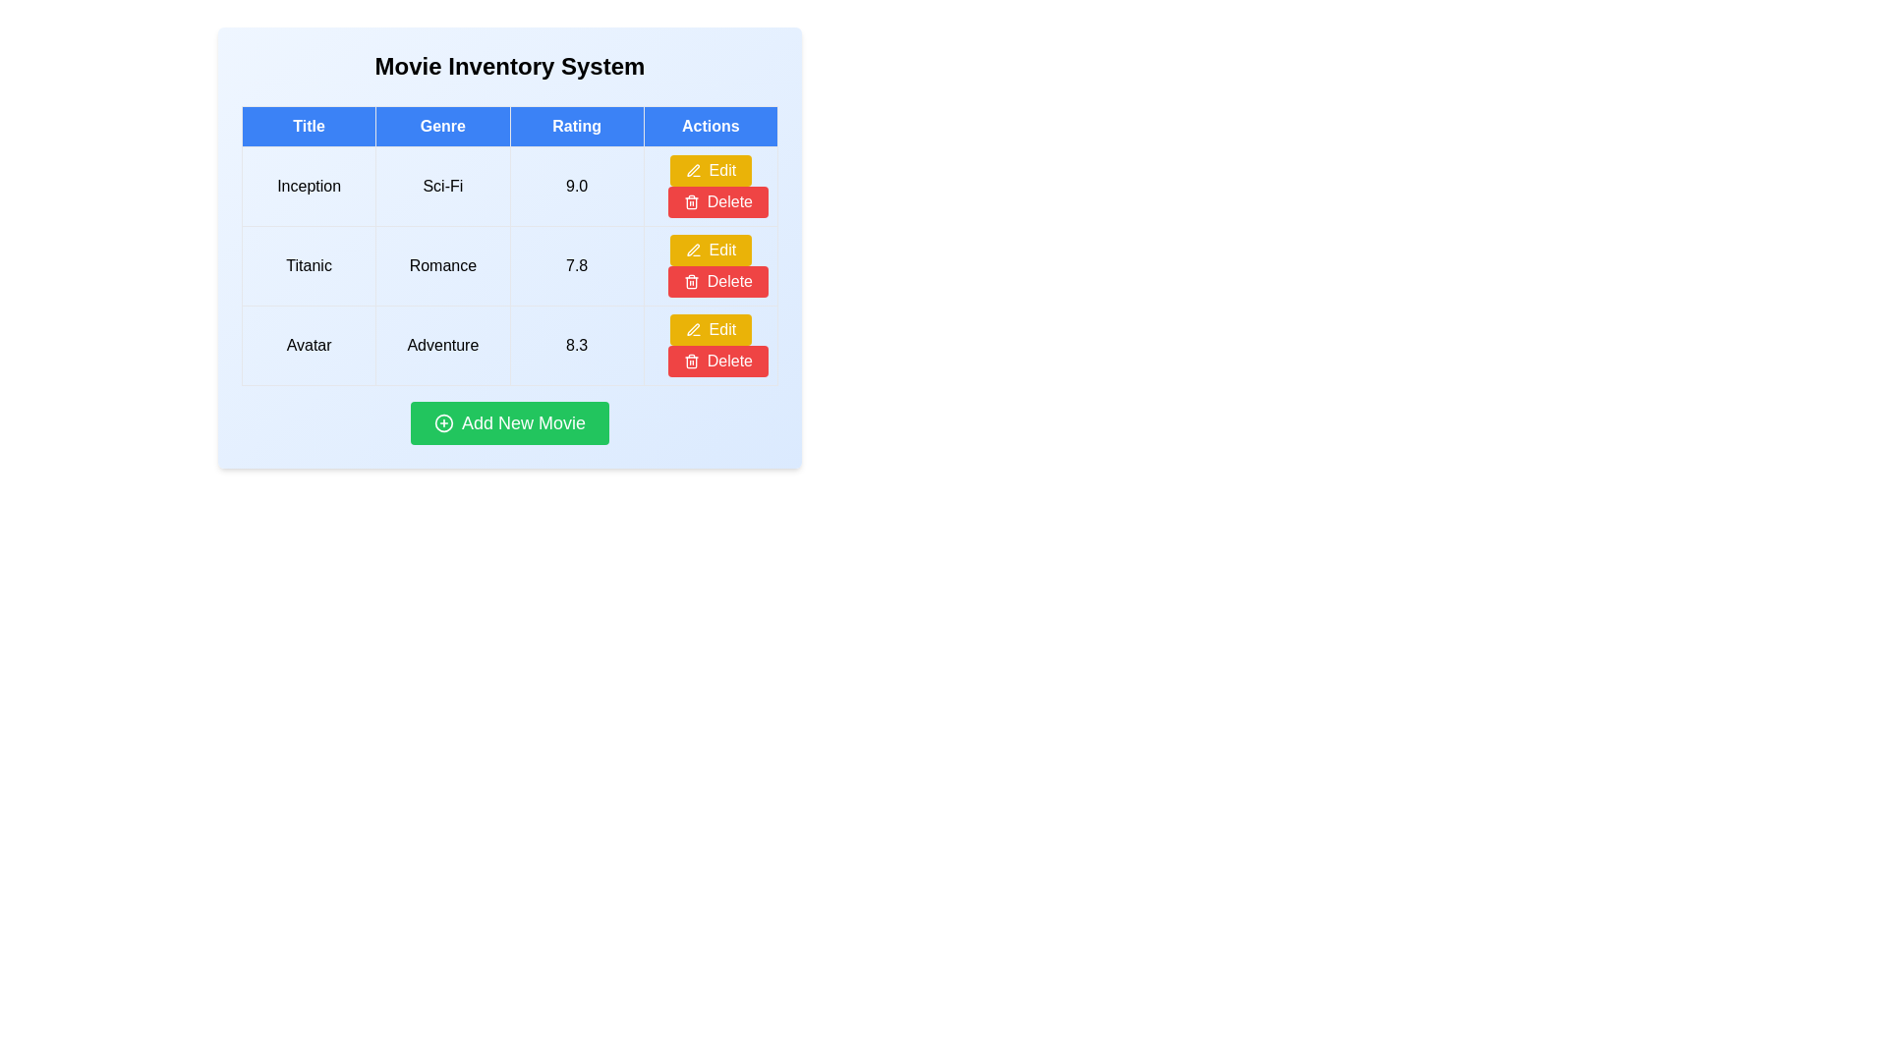 This screenshot has width=1887, height=1061. Describe the element at coordinates (308, 265) in the screenshot. I see `the Text label that identifies the title of a movie entry in the second row and first column of the data table` at that location.